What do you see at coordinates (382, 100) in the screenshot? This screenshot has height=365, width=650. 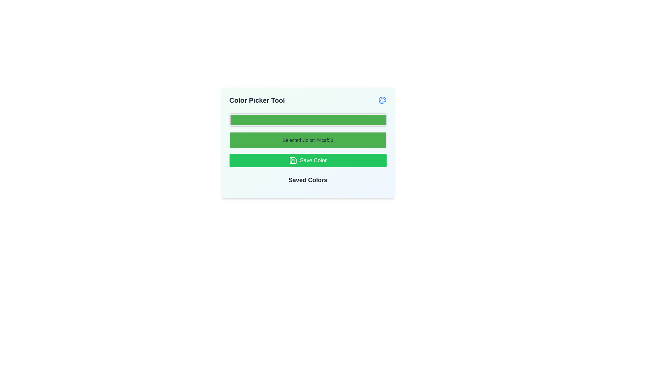 I see `the decorative icon located in the top-right corner of the interface, adjacent to the 'Color Picker Tool' header` at bounding box center [382, 100].